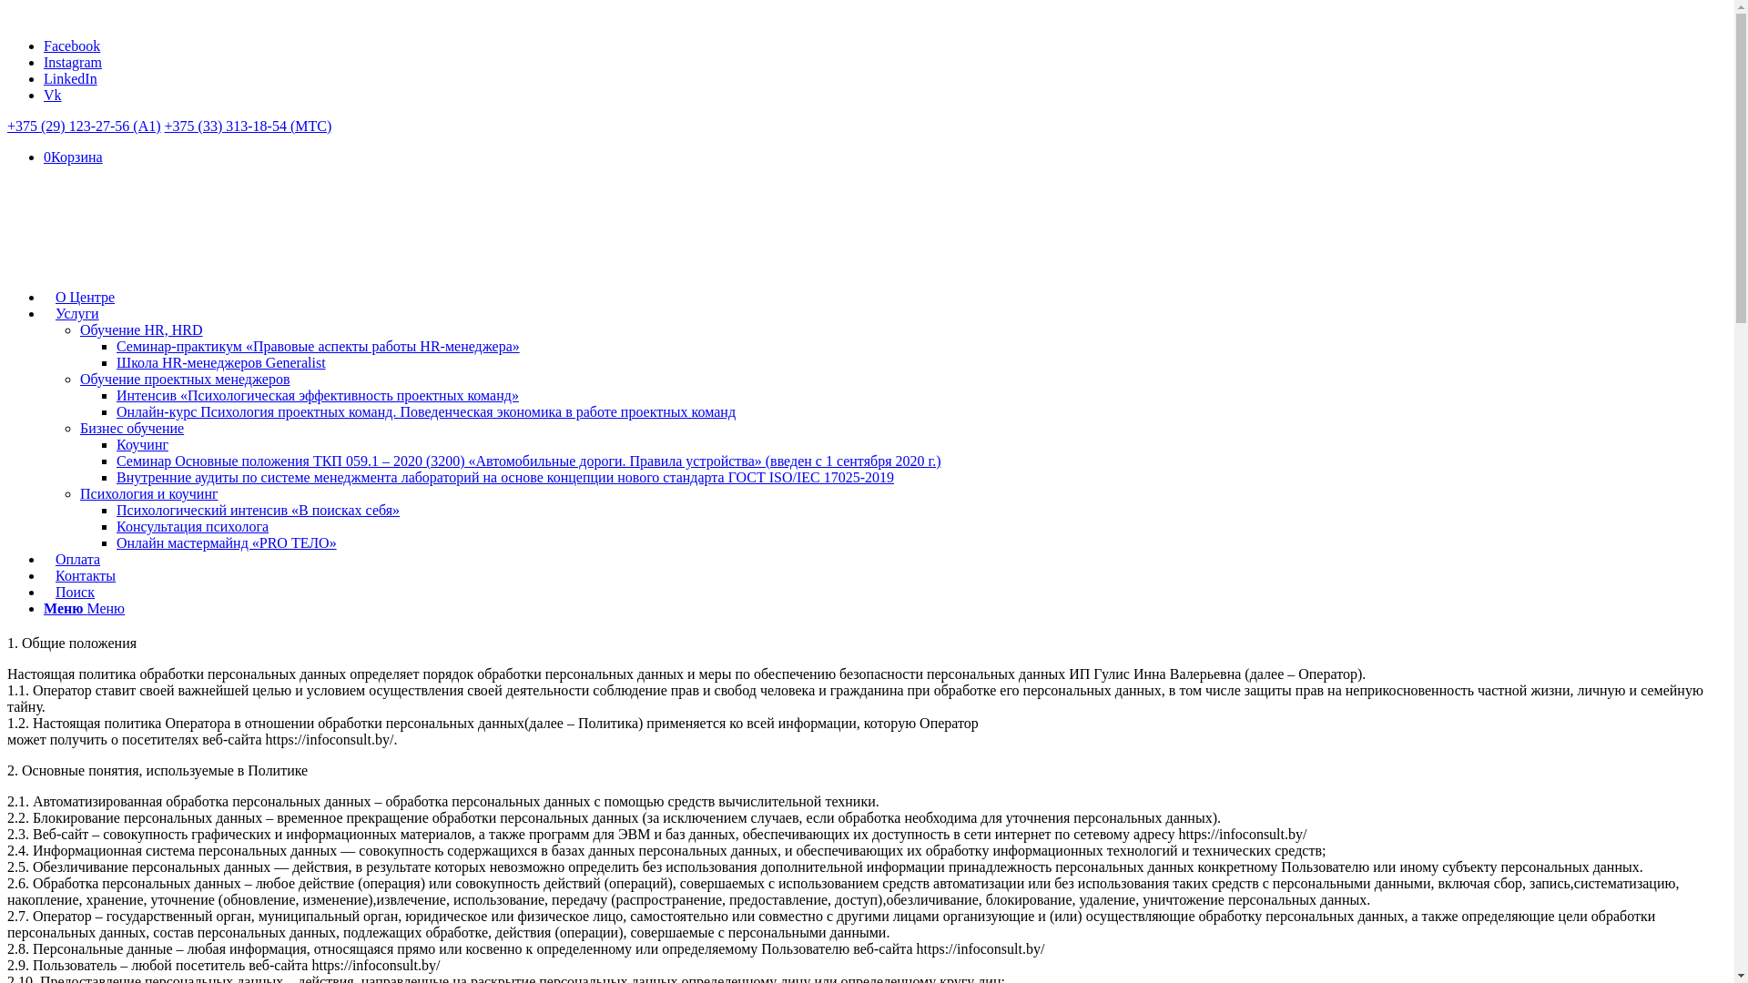  Describe the element at coordinates (83, 125) in the screenshot. I see `'+375 (29) 123-27-56 (A1)'` at that location.